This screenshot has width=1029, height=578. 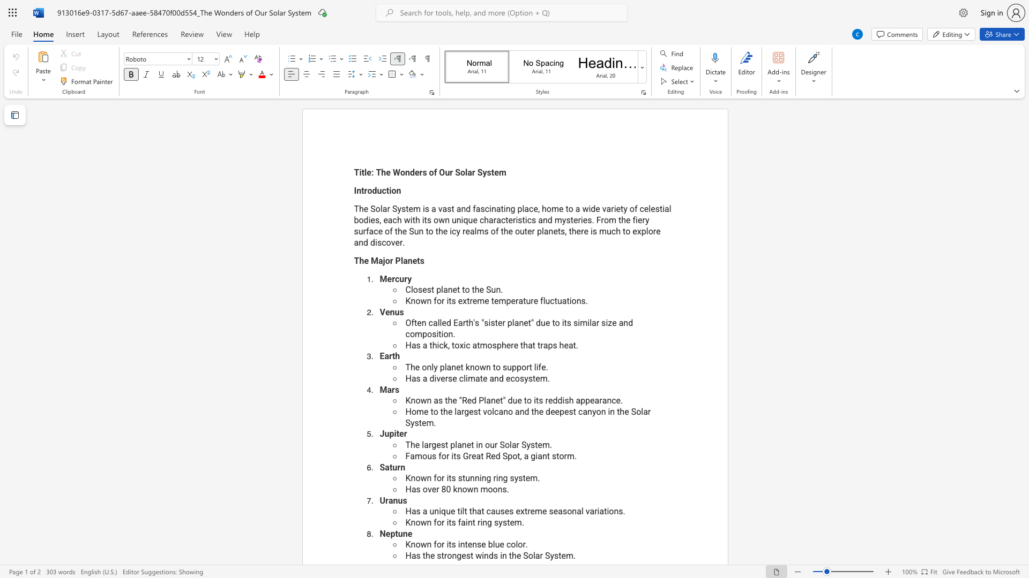 I want to click on the subset text "n moon" within the text "Has over 80 known moons.", so click(x=473, y=489).